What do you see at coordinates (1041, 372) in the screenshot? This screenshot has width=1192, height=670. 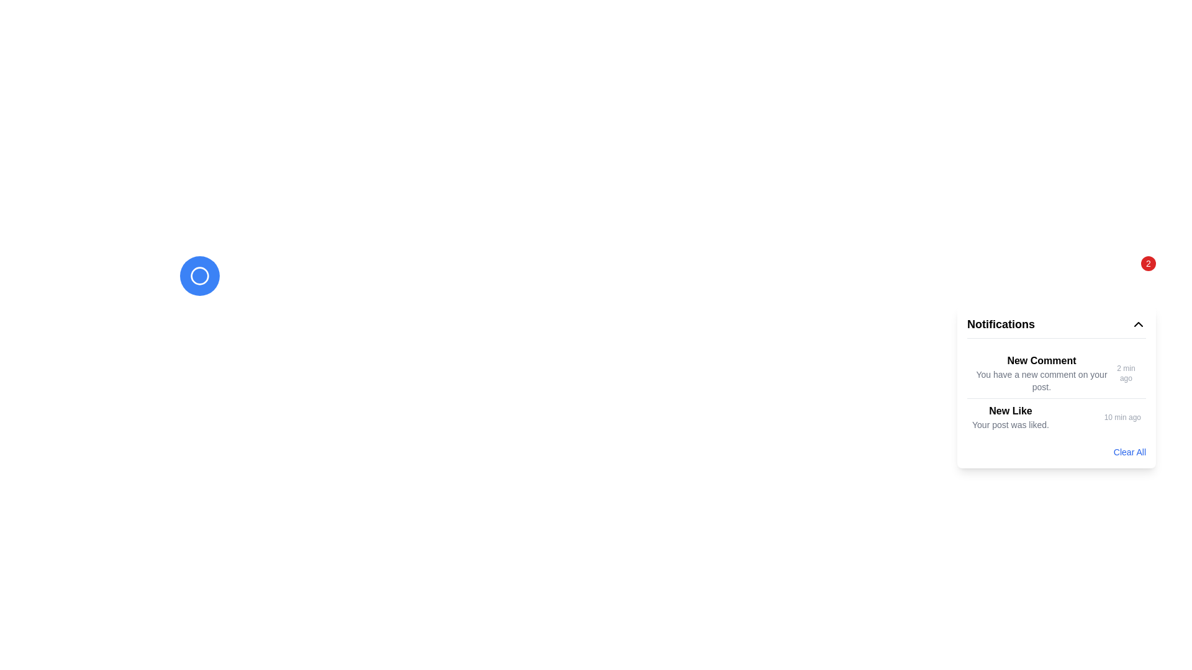 I see `notification titled 'New Comment' which indicates that there is a new comment on your post, located at the top of the notifications list` at bounding box center [1041, 372].